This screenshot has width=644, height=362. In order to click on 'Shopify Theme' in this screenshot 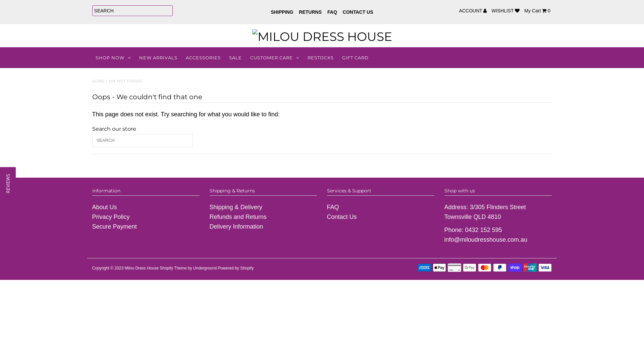, I will do `click(173, 267)`.